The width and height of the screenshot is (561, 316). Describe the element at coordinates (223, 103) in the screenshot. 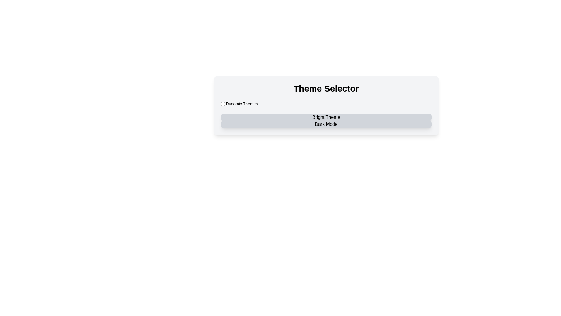

I see `the unmarked checkbox located to the left of the 'Dynamic Themes' text` at that location.